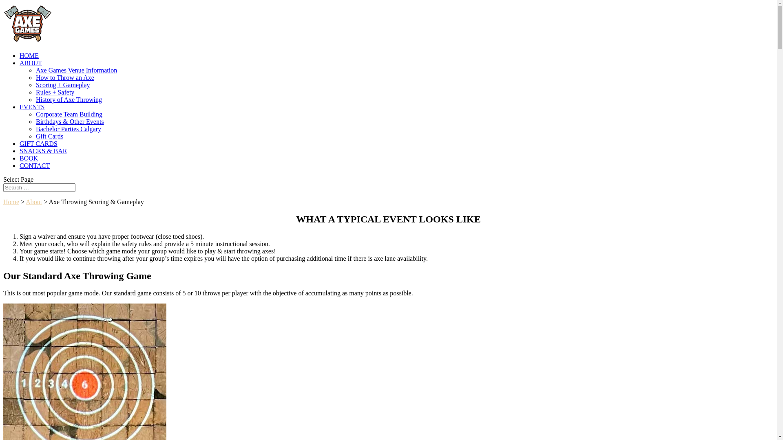 This screenshot has width=783, height=440. What do you see at coordinates (38, 143) in the screenshot?
I see `'GIFT CARDS'` at bounding box center [38, 143].